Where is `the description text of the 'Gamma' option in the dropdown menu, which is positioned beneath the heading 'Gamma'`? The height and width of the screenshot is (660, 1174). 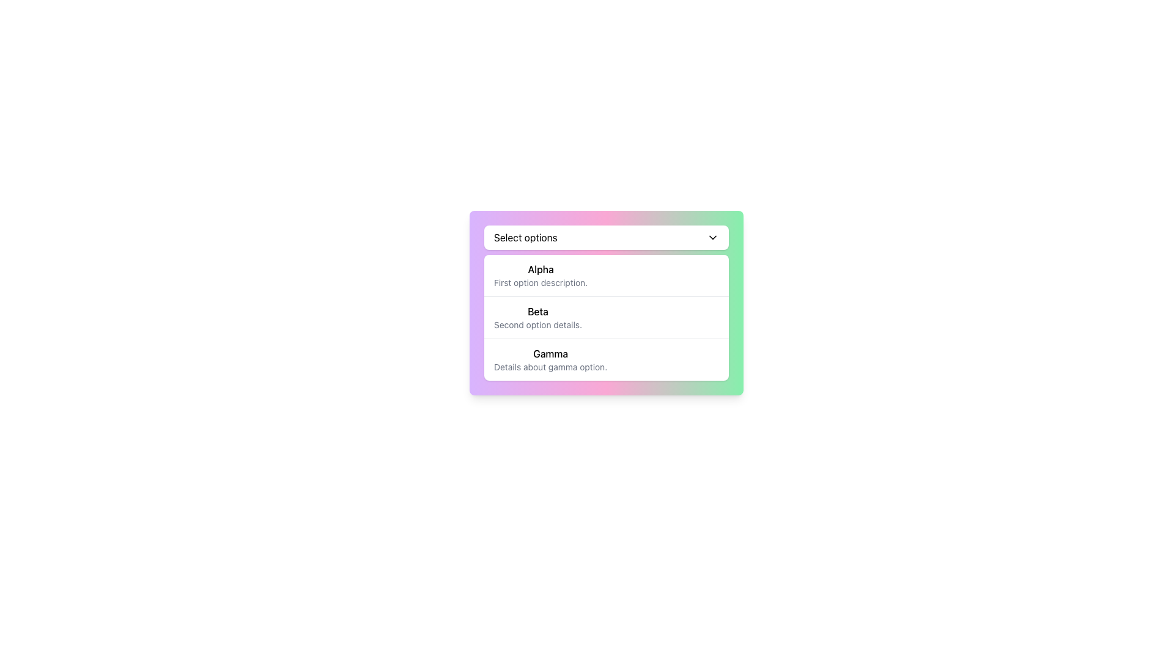 the description text of the 'Gamma' option in the dropdown menu, which is positioned beneath the heading 'Gamma' is located at coordinates (550, 367).